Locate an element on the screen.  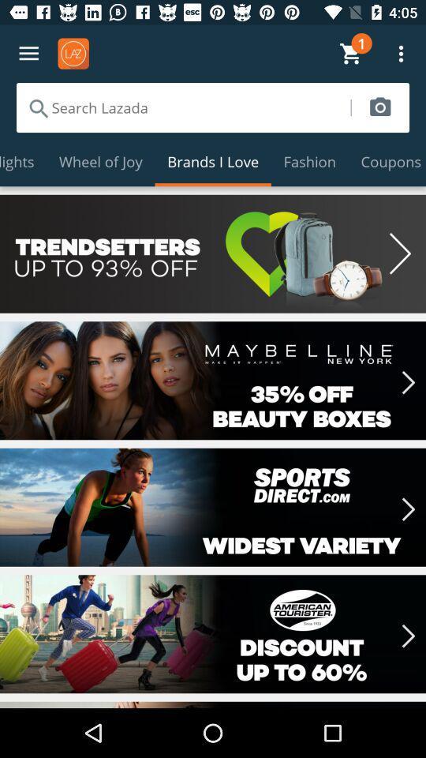
item above the highlights icon is located at coordinates (182, 107).